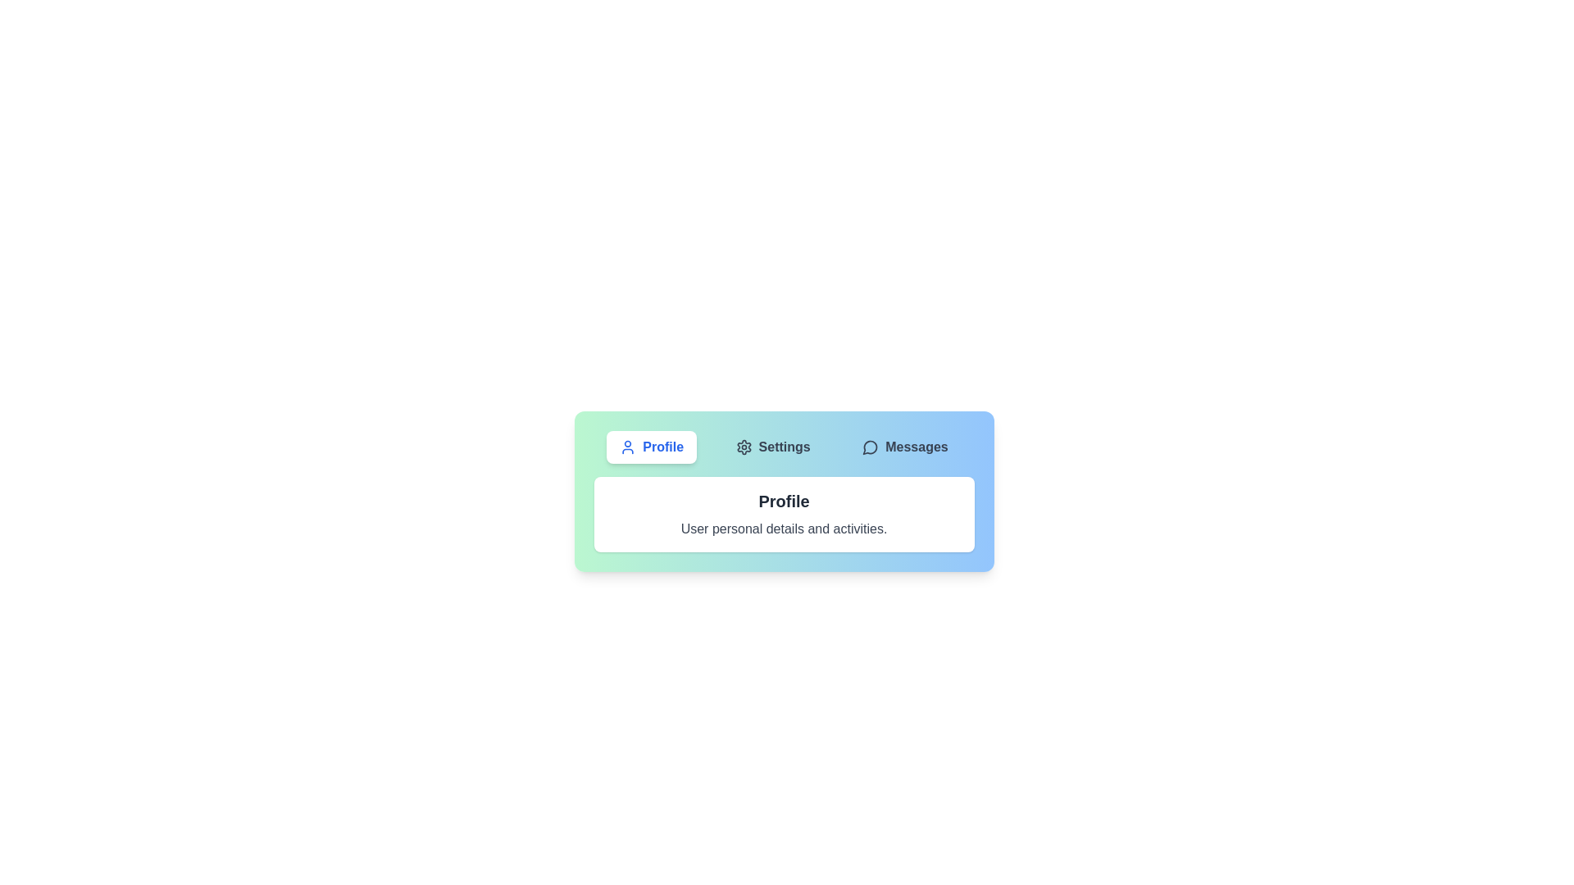 This screenshot has width=1574, height=885. Describe the element at coordinates (904, 447) in the screenshot. I see `the Messages tab by clicking on its button` at that location.